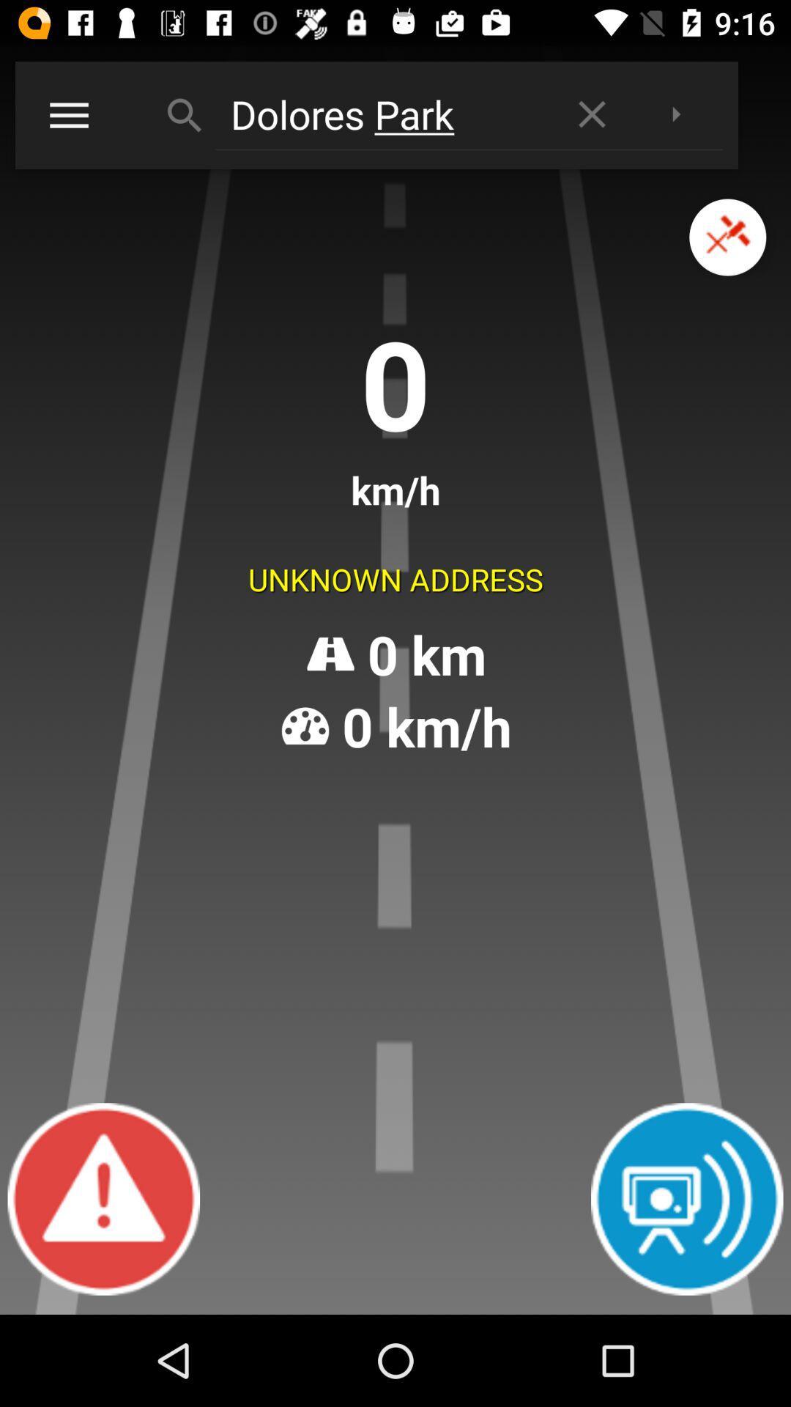 This screenshot has height=1407, width=791. I want to click on the close icon, so click(727, 254).